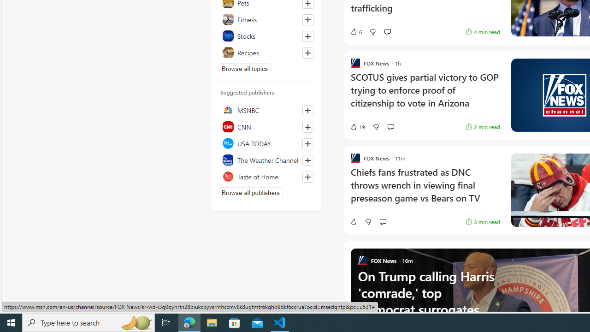  I want to click on 'Fitness', so click(265, 19).